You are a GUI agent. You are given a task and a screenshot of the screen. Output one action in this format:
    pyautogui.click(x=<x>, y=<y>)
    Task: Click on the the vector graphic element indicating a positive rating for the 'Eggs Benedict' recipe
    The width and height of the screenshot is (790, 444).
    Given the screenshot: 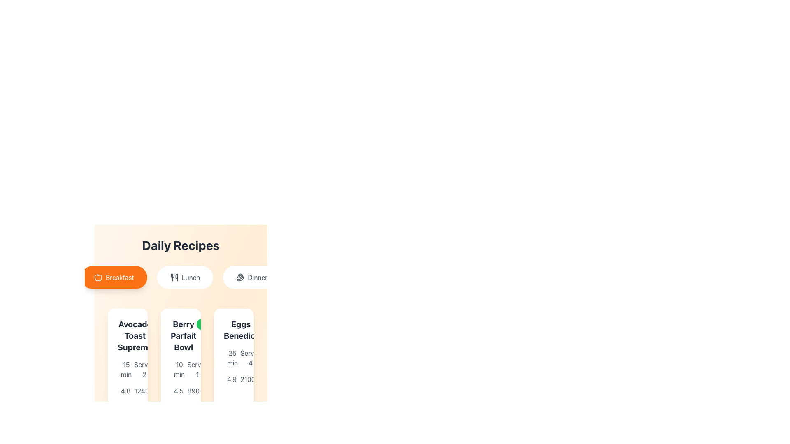 What is the action you would take?
    pyautogui.click(x=242, y=380)
    